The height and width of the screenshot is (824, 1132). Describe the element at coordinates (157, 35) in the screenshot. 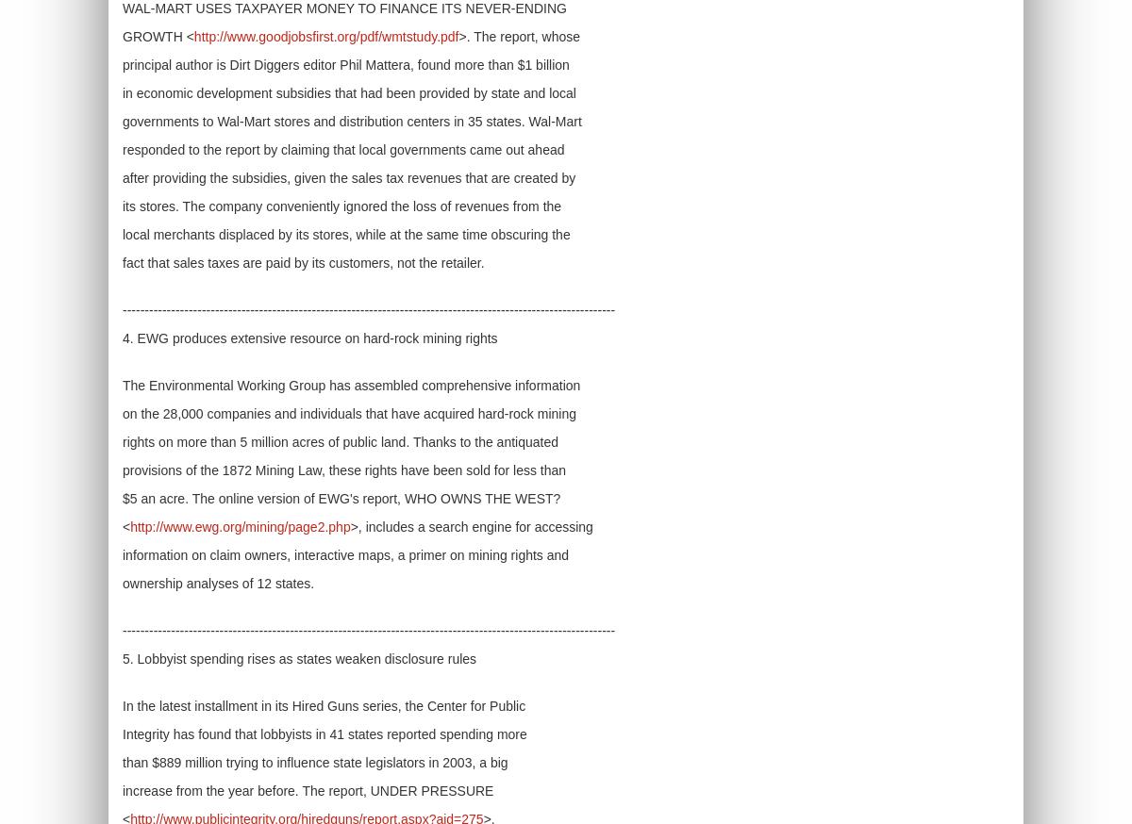

I see `'GROWTH <'` at that location.